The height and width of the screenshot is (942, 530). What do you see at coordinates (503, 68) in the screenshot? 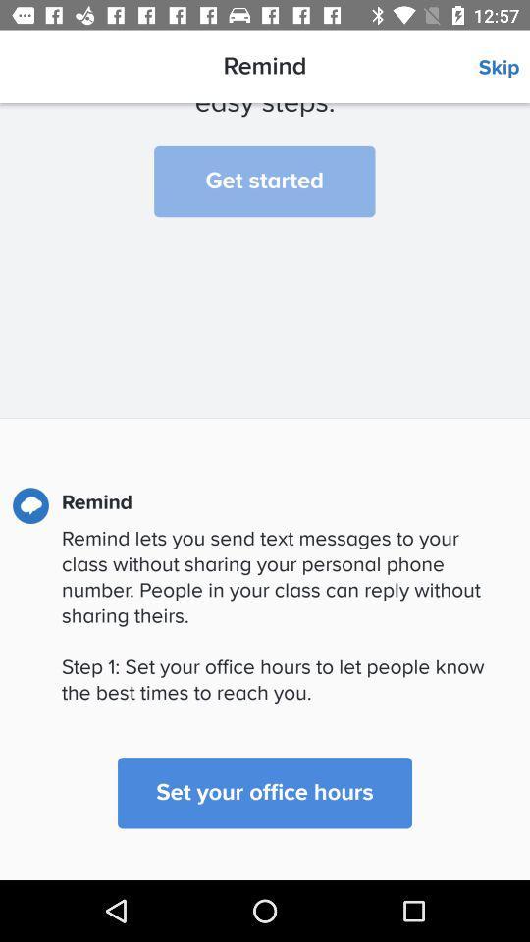
I see `the icon above the we ll help` at bounding box center [503, 68].